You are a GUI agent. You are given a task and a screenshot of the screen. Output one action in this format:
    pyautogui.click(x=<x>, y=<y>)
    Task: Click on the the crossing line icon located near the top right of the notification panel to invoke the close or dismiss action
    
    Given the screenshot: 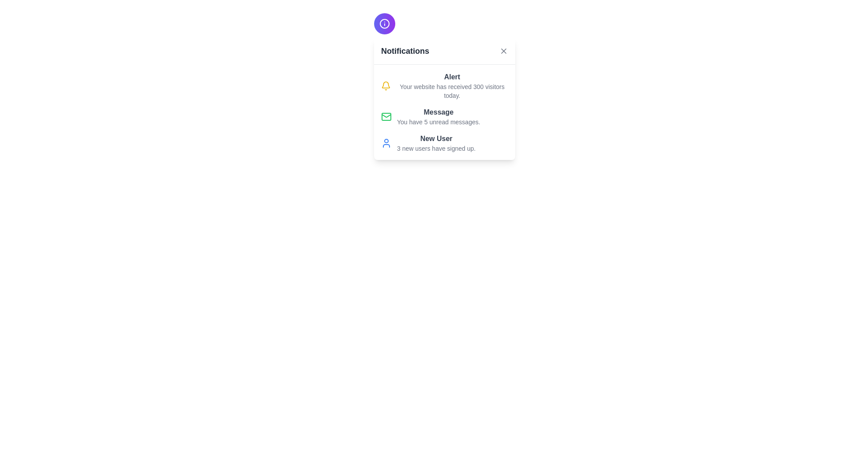 What is the action you would take?
    pyautogui.click(x=504, y=51)
    